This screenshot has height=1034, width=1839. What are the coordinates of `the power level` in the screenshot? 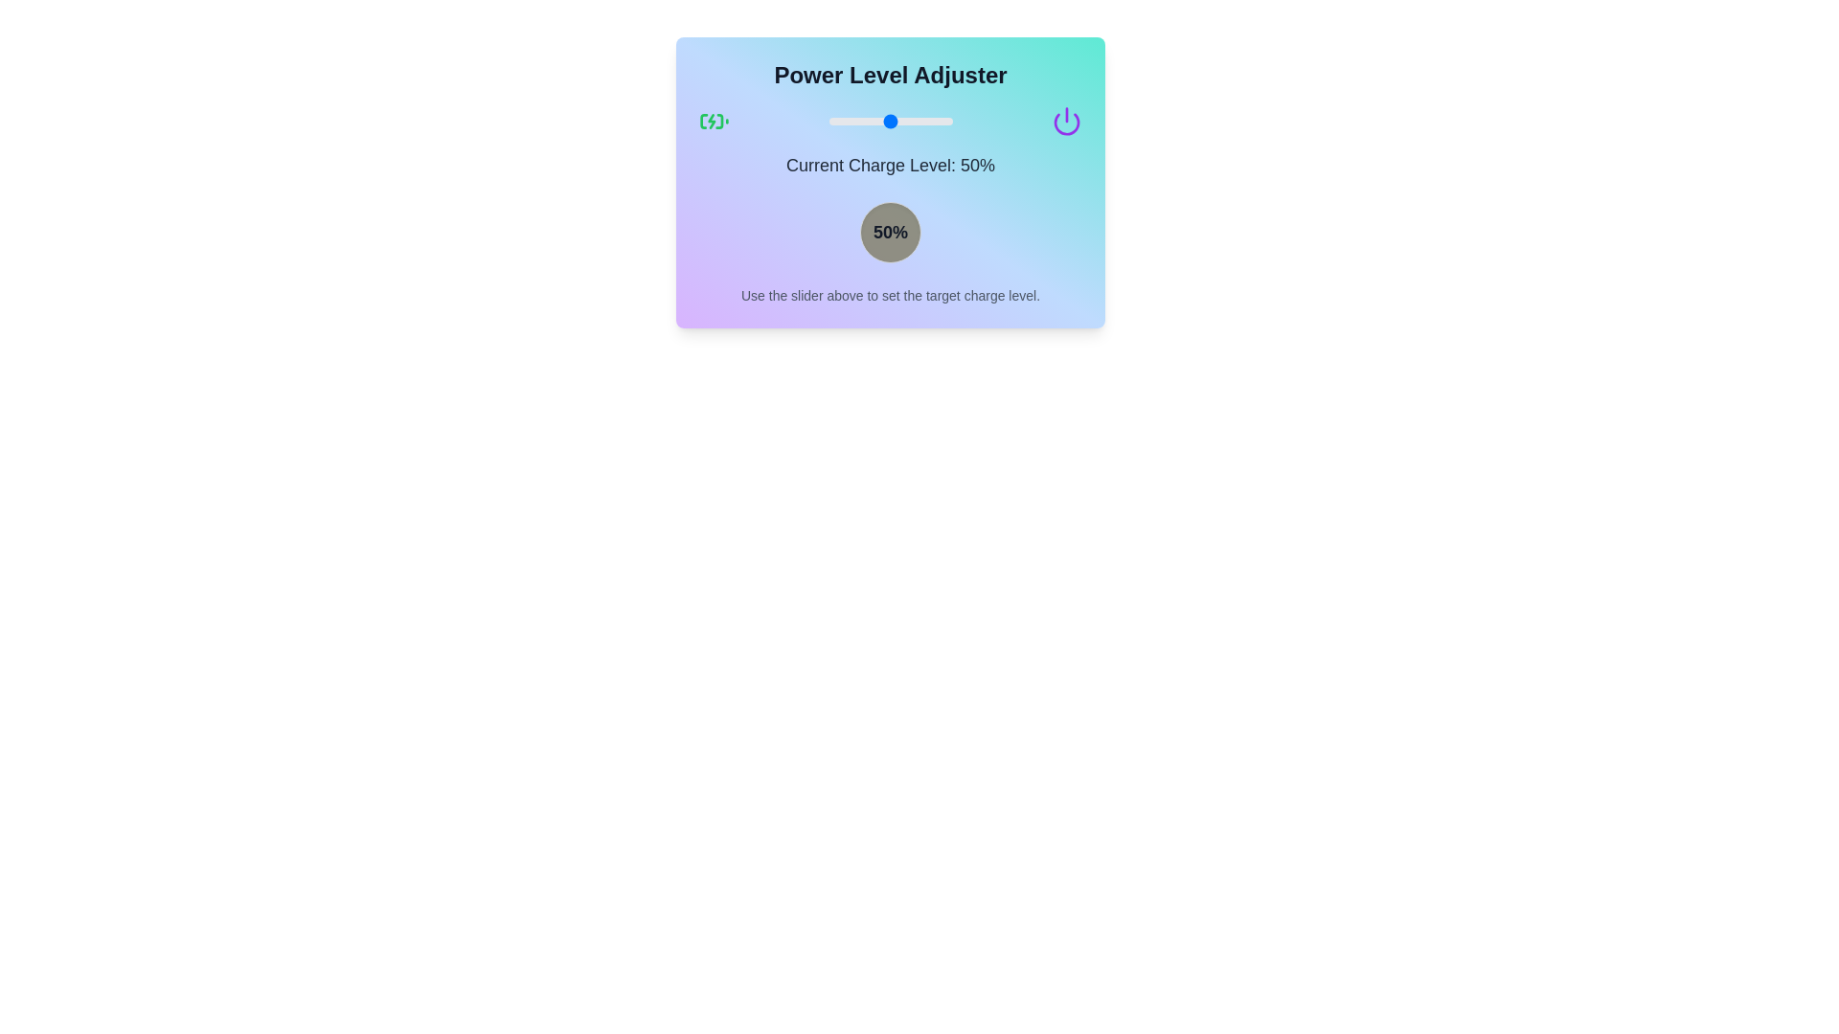 It's located at (942, 122).